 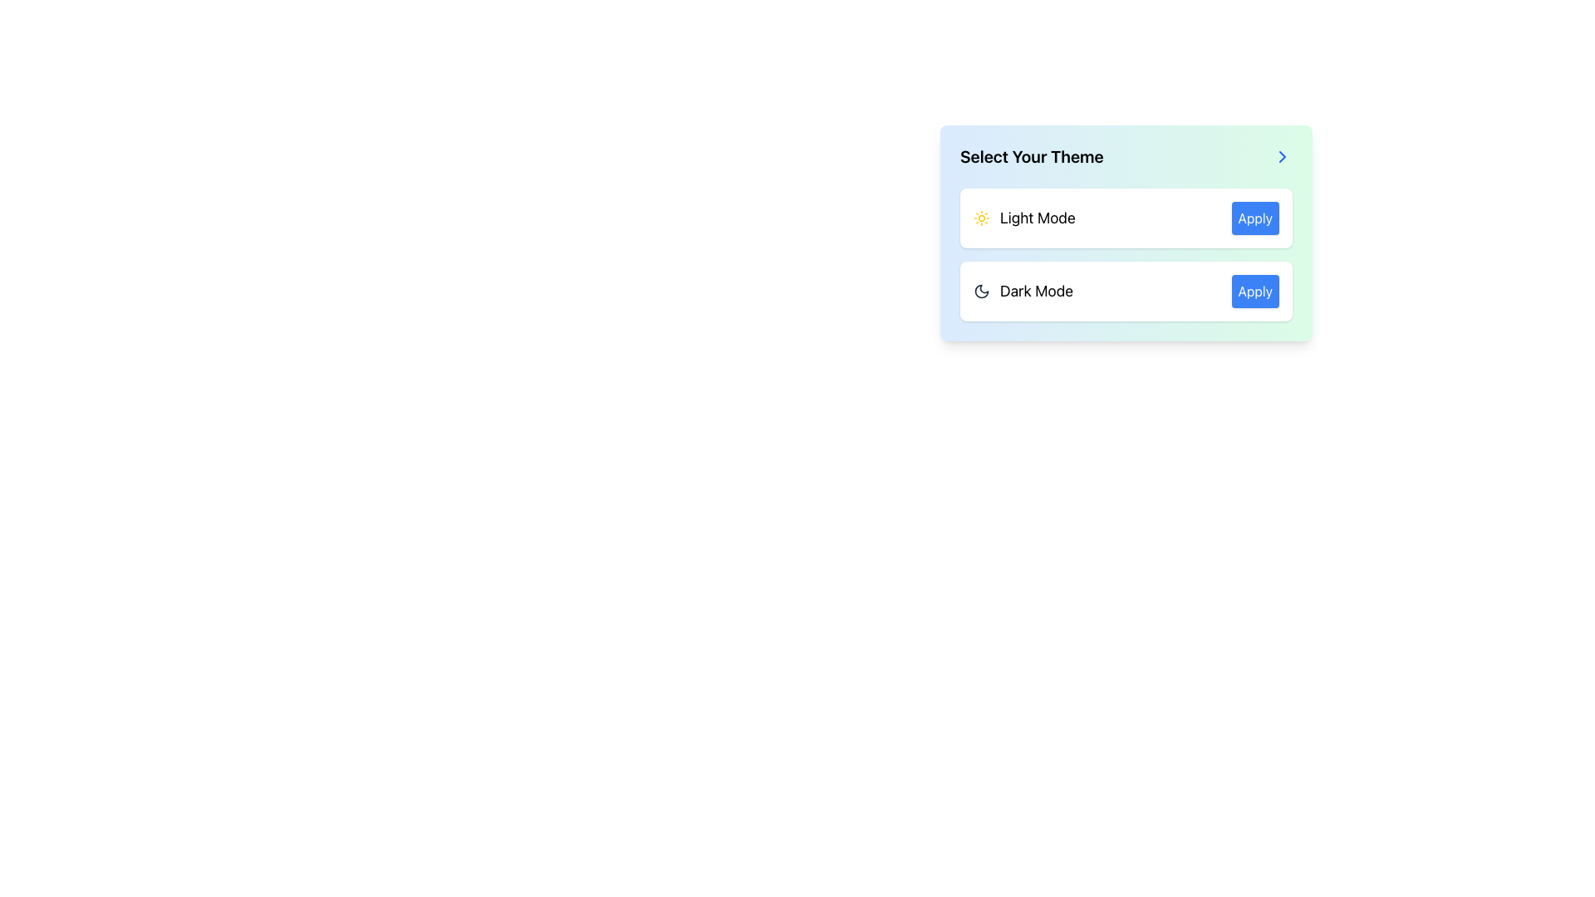 What do you see at coordinates (1282, 157) in the screenshot?
I see `the right-facing chevron icon button located to the far right of the header titled 'Select Your Theme'` at bounding box center [1282, 157].